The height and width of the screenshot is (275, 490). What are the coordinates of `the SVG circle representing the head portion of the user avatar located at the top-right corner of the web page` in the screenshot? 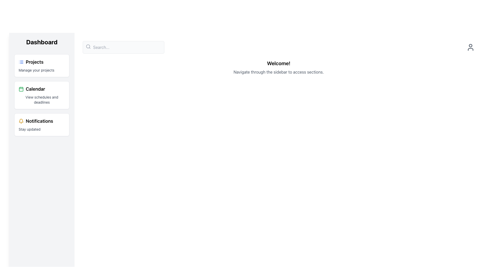 It's located at (470, 45).